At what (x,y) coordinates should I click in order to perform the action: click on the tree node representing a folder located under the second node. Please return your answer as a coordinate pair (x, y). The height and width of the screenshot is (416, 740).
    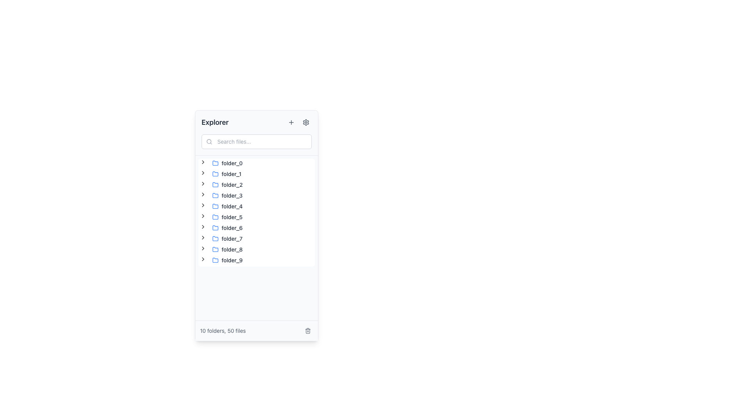
    Looking at the image, I should click on (226, 174).